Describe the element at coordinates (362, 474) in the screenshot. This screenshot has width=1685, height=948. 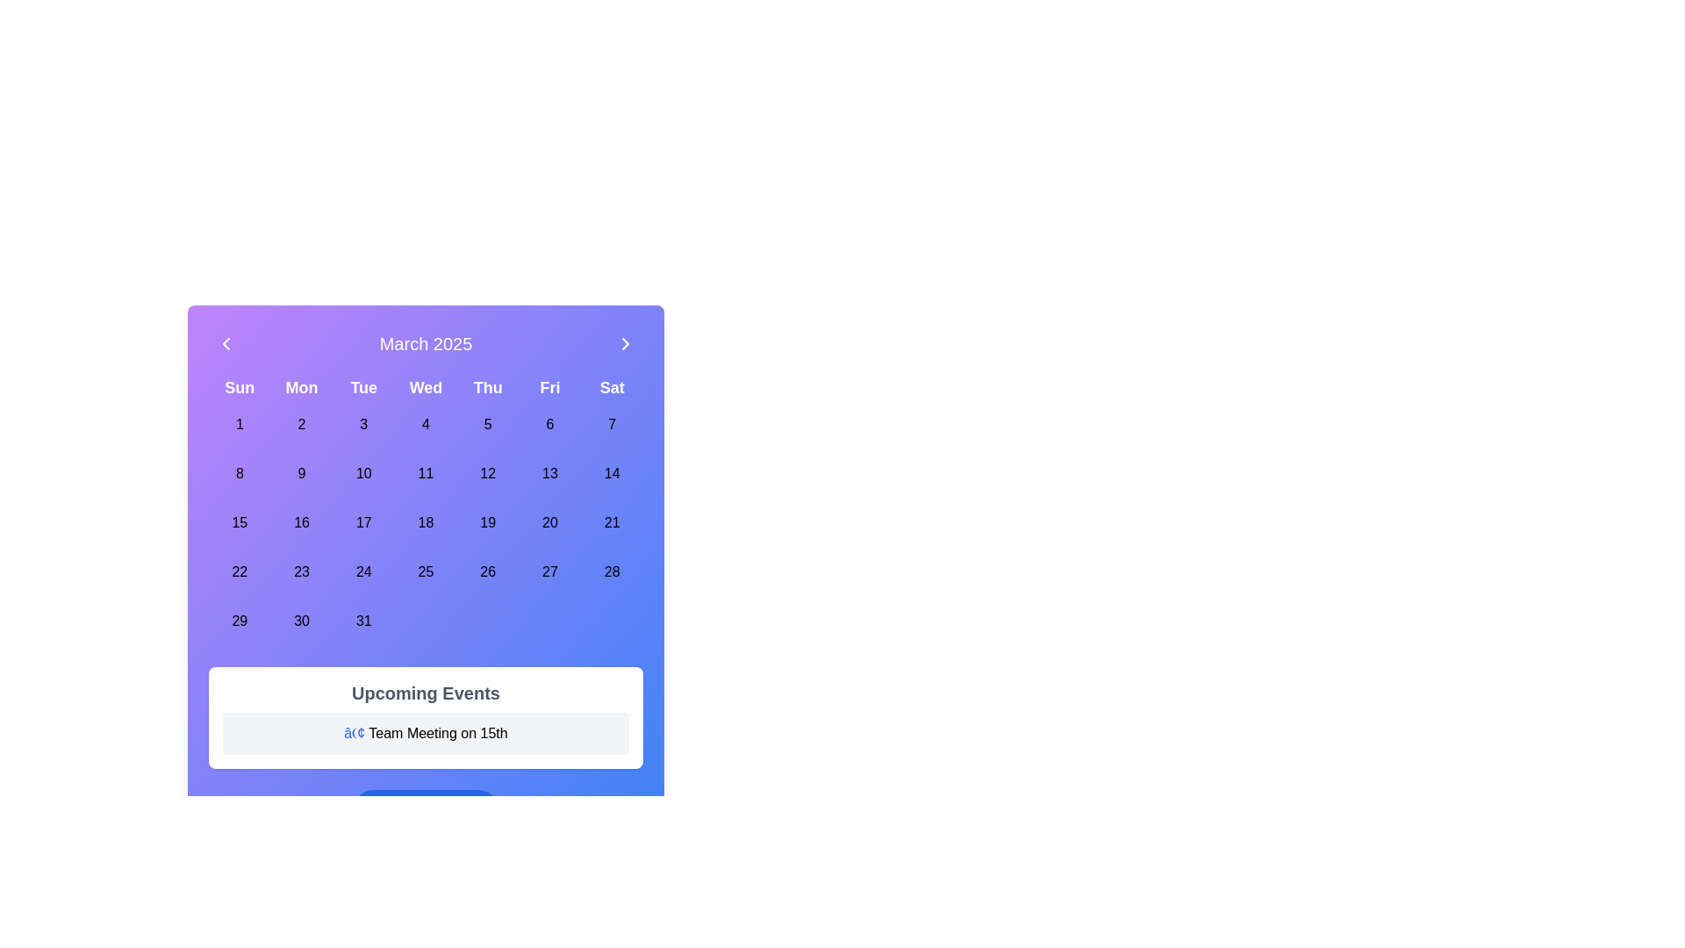
I see `the calendar date button representing the date '10'` at that location.